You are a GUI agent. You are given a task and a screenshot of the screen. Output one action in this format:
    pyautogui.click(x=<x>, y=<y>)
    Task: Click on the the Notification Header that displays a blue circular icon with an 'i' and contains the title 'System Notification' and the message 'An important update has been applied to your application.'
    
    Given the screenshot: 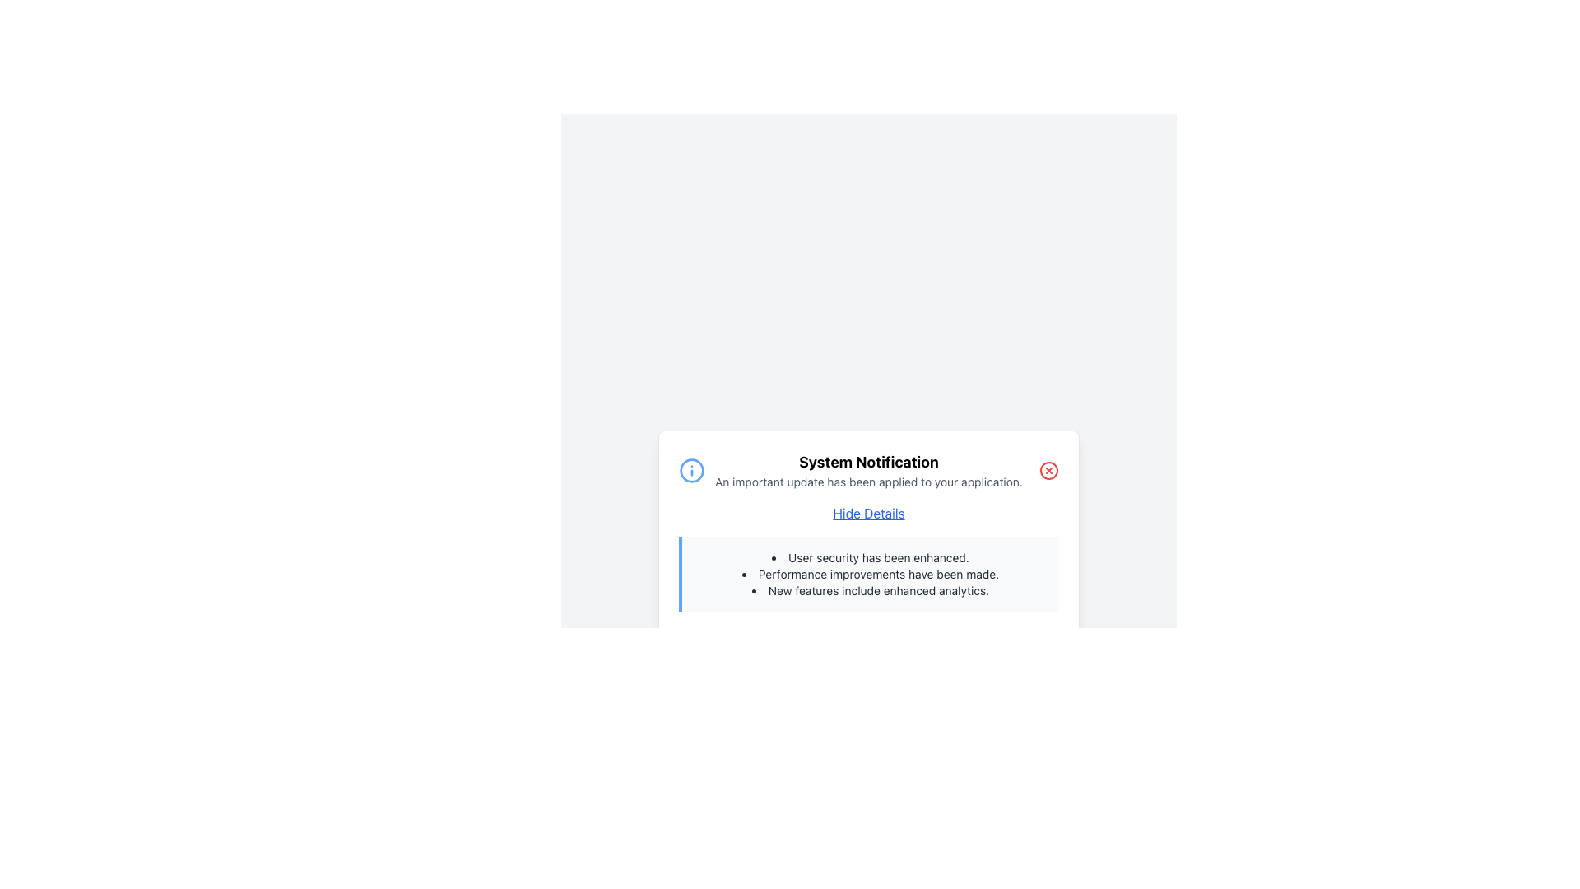 What is the action you would take?
    pyautogui.click(x=850, y=470)
    